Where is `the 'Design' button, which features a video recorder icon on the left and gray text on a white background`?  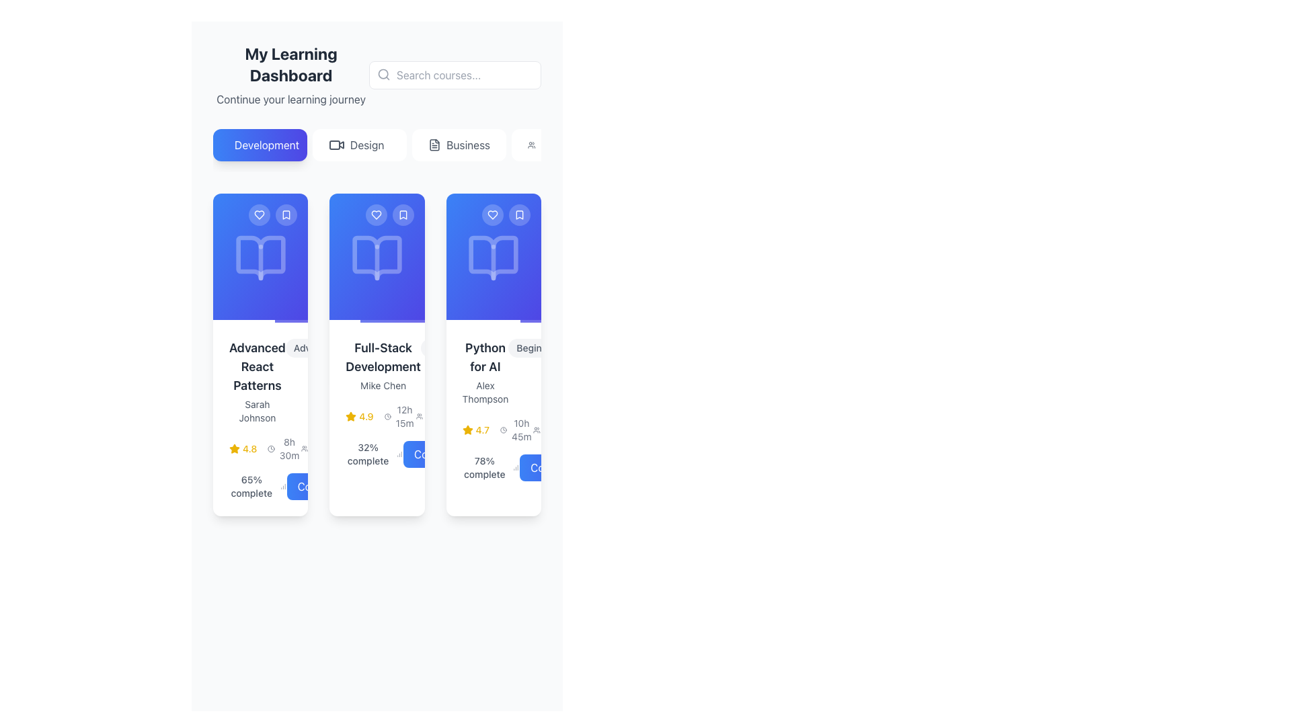
the 'Design' button, which features a video recorder icon on the left and gray text on a white background is located at coordinates (359, 145).